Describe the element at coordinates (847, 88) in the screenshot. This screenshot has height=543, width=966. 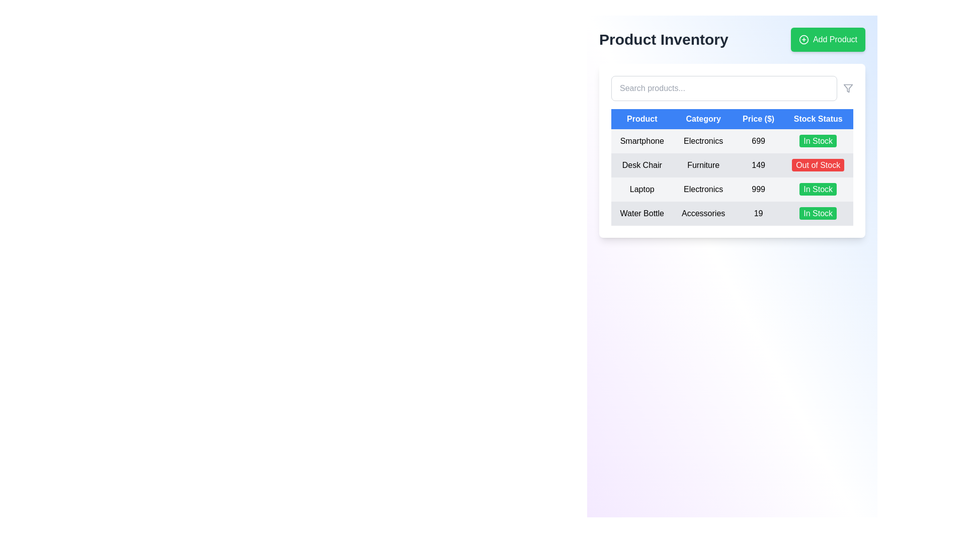
I see `the funnel icon, which represents the filter functionality, located to the right of the search input field in the top section under 'Product Inventory'` at that location.